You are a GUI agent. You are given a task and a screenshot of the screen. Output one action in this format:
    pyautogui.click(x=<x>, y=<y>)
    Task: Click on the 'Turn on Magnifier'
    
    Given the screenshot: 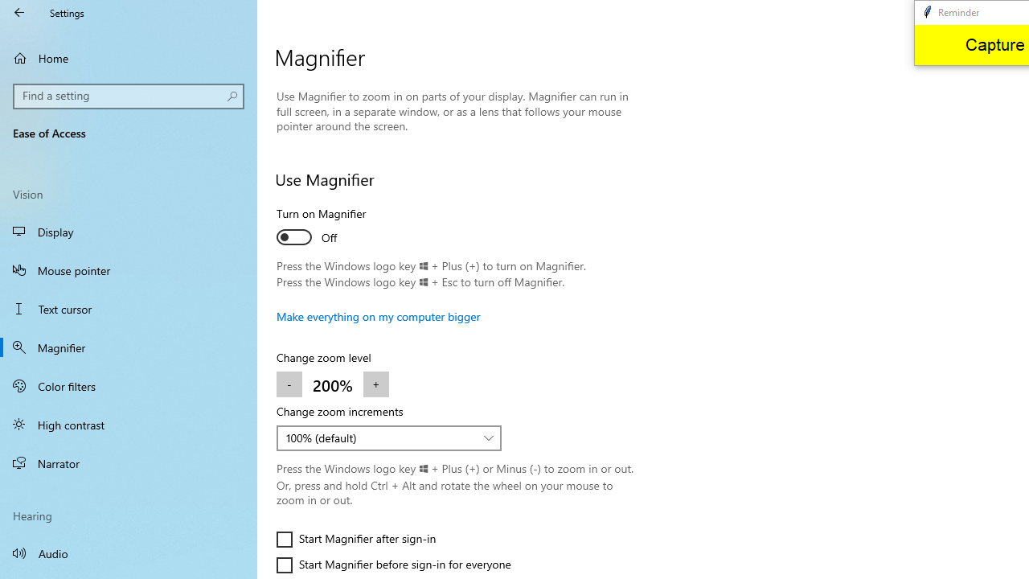 What is the action you would take?
    pyautogui.click(x=334, y=228)
    